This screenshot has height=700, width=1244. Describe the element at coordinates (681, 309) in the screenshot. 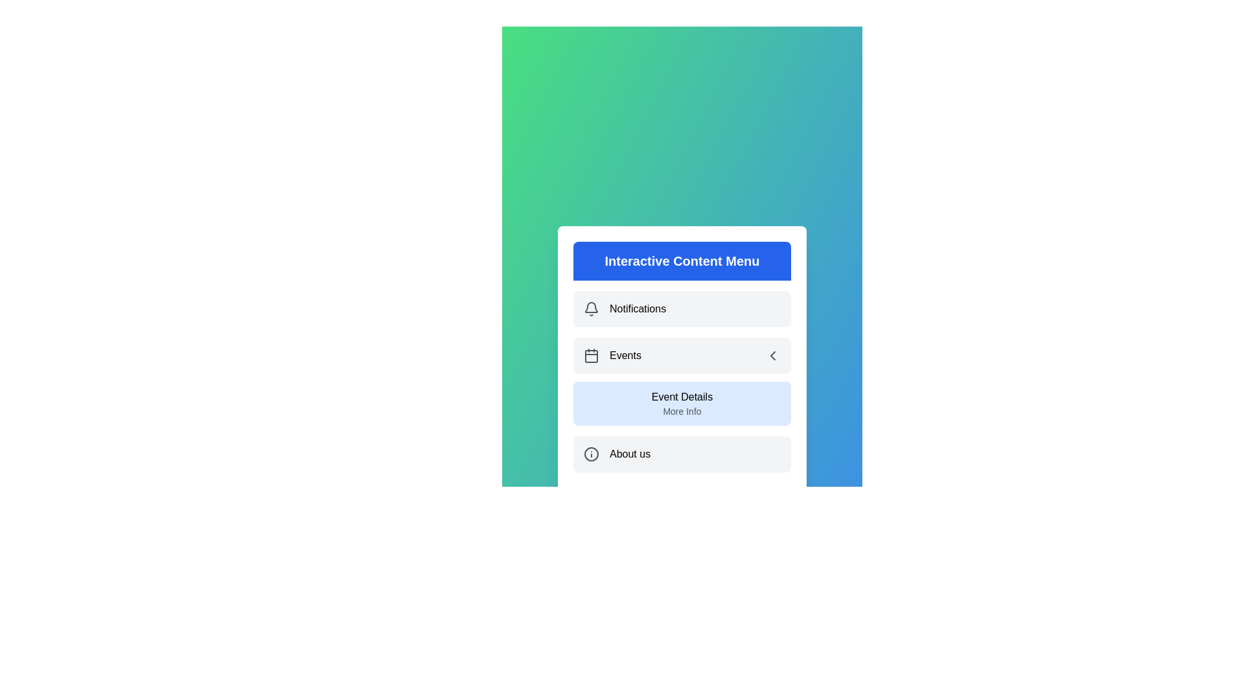

I see `the menu item Notifications` at that location.